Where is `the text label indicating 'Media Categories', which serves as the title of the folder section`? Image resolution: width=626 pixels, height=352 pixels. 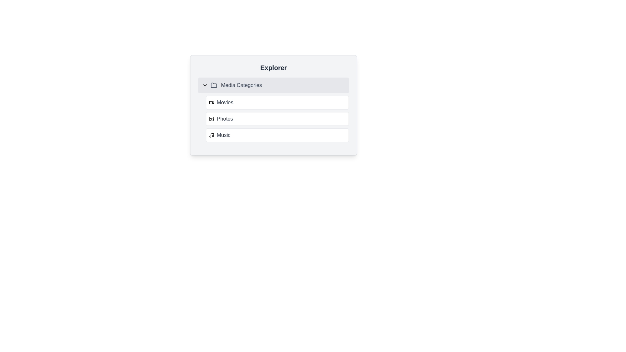 the text label indicating 'Media Categories', which serves as the title of the folder section is located at coordinates (241, 85).